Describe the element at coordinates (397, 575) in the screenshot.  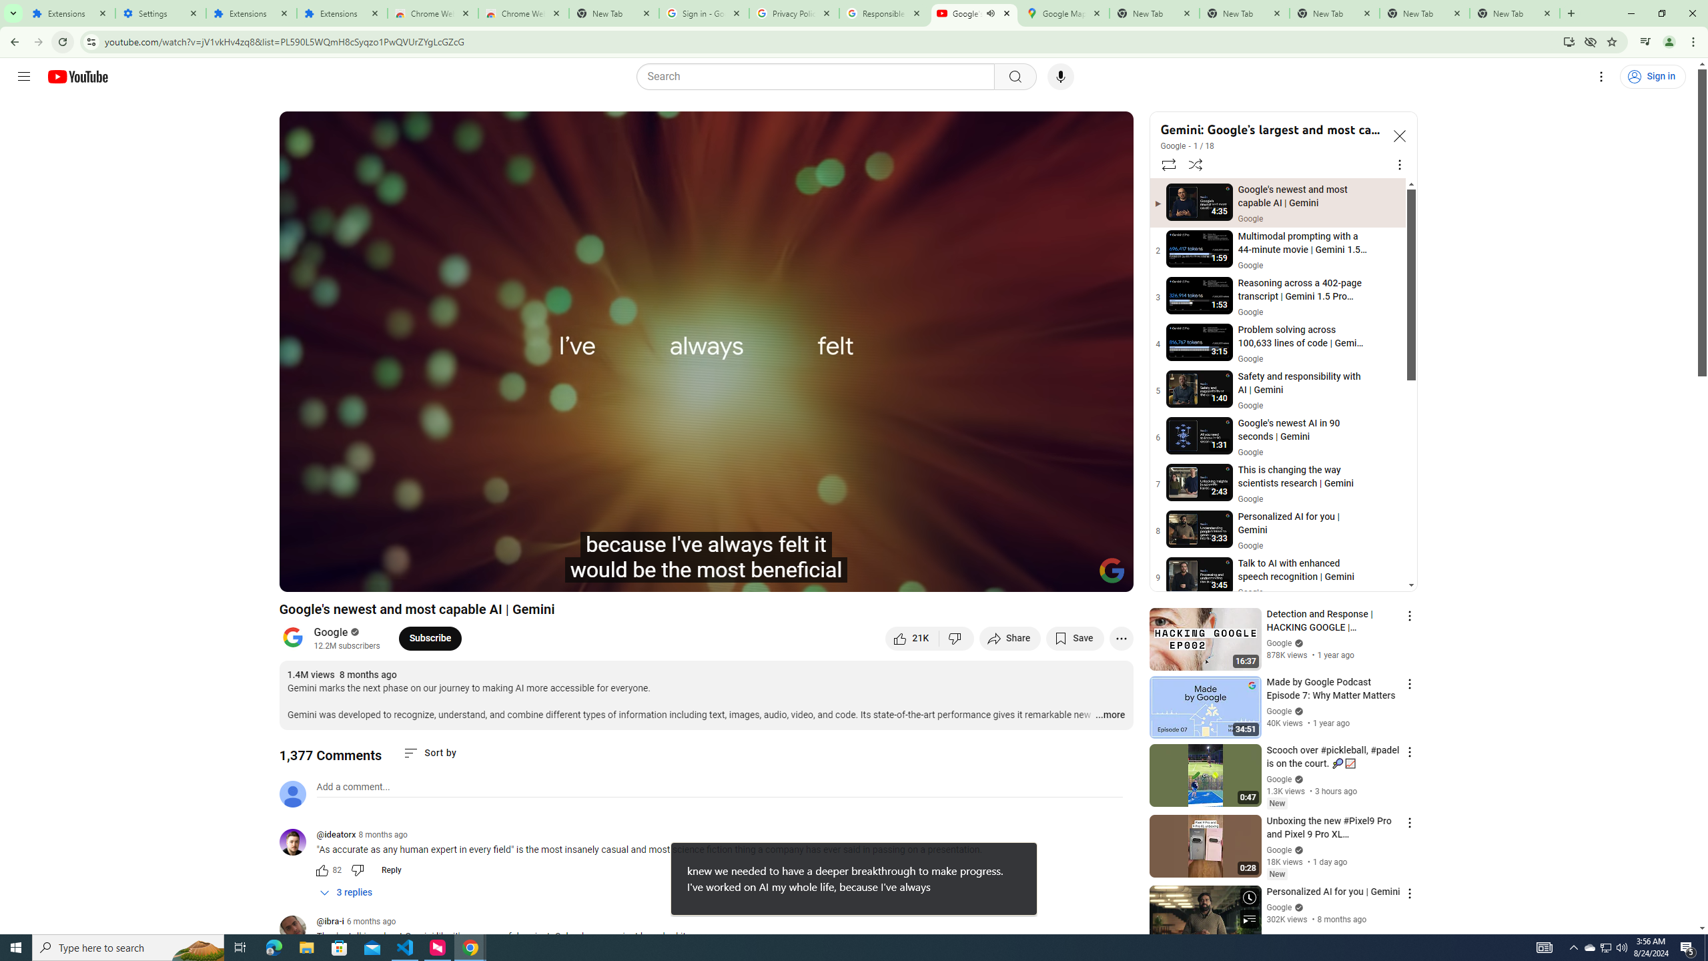
I see `'Mute (m)'` at that location.